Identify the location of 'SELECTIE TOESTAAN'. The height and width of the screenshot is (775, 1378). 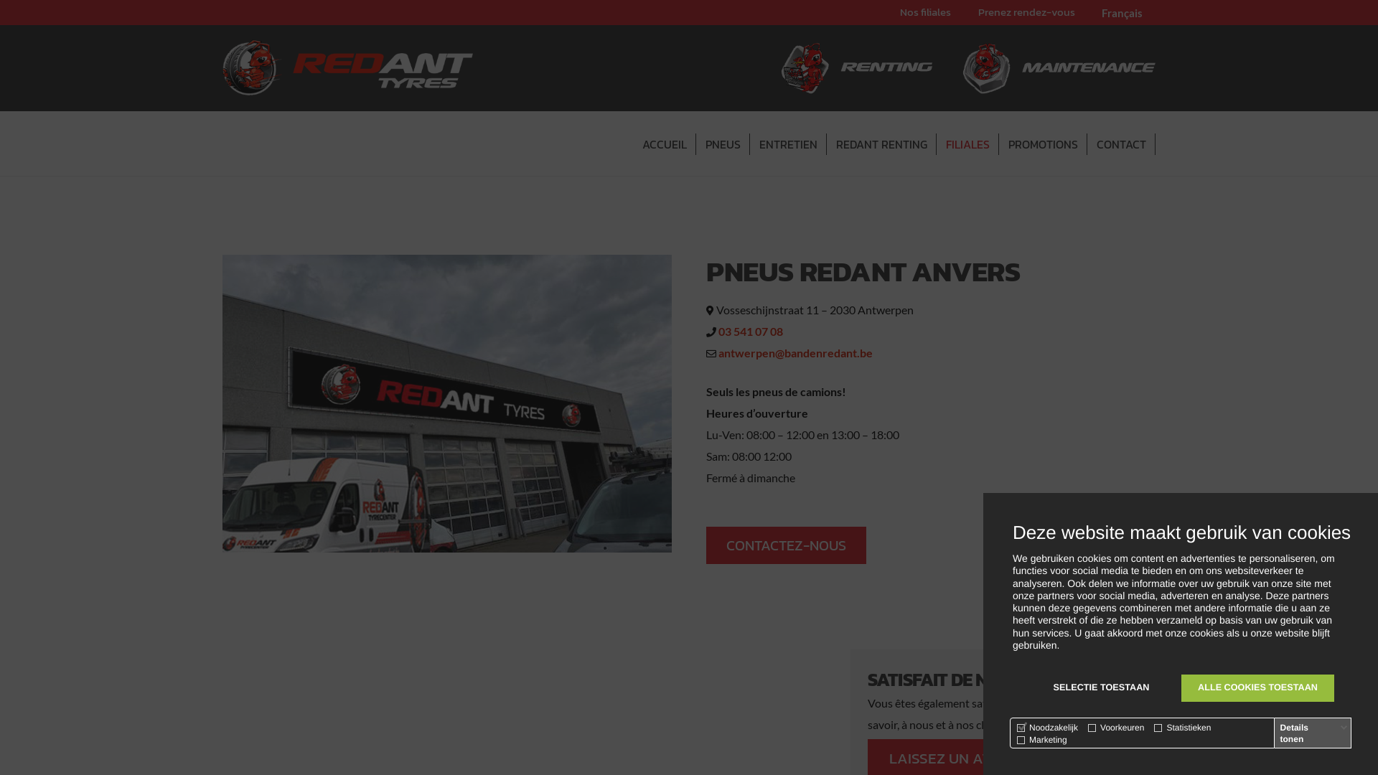
(1100, 687).